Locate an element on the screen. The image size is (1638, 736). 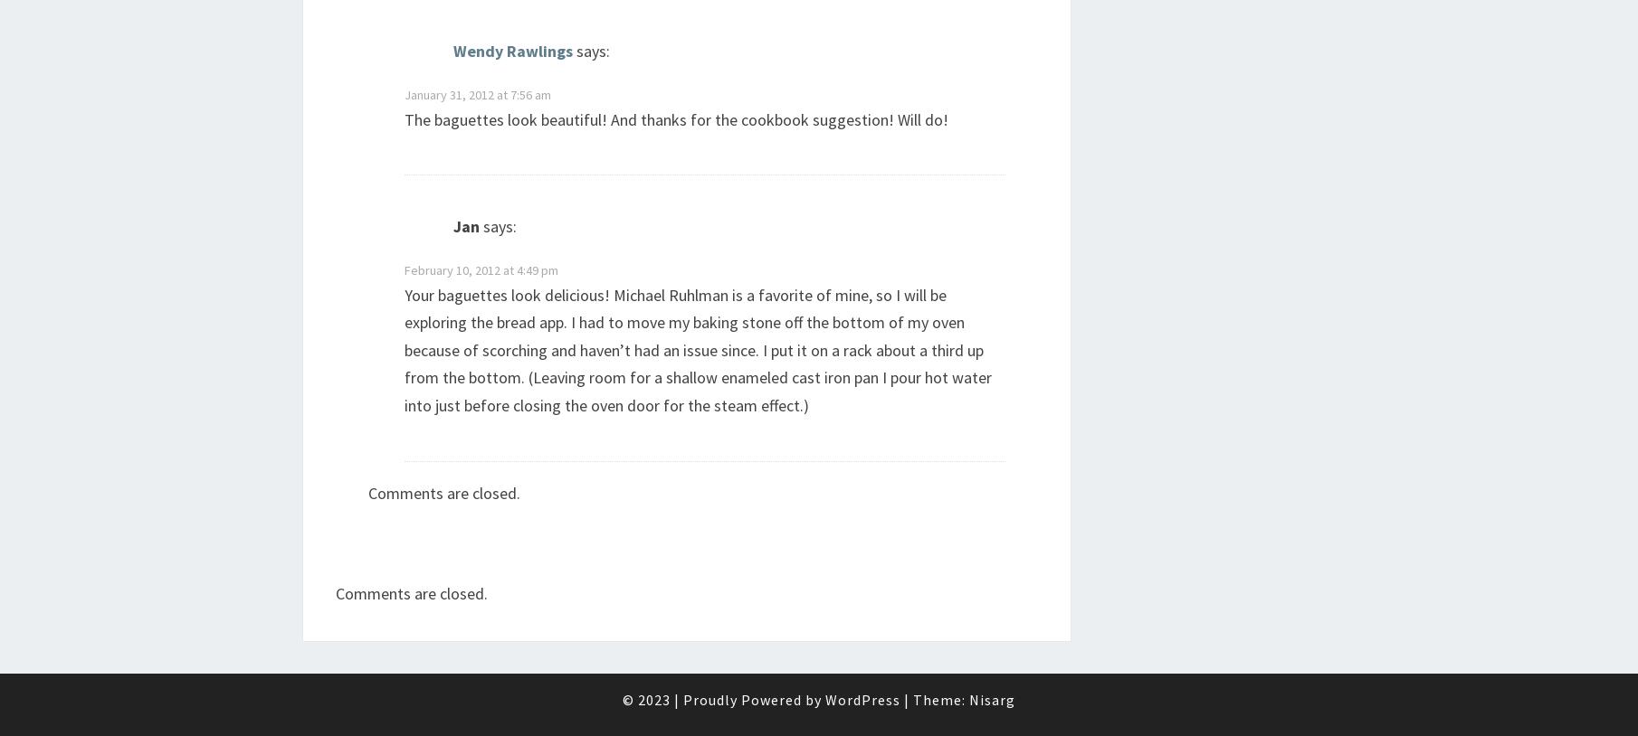
'Nisarg' is located at coordinates (992, 698).